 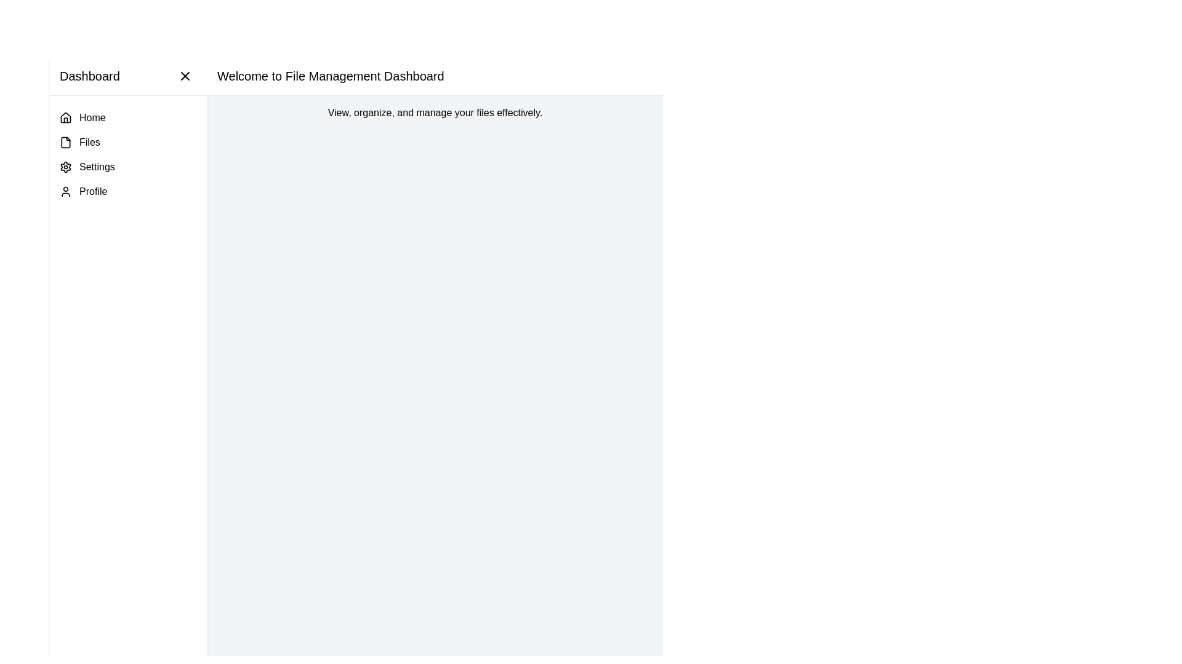 I want to click on the 'Files' button in the vertical Navigation Menu located in the left sidebar below the 'Dashboard' title, so click(x=129, y=154).